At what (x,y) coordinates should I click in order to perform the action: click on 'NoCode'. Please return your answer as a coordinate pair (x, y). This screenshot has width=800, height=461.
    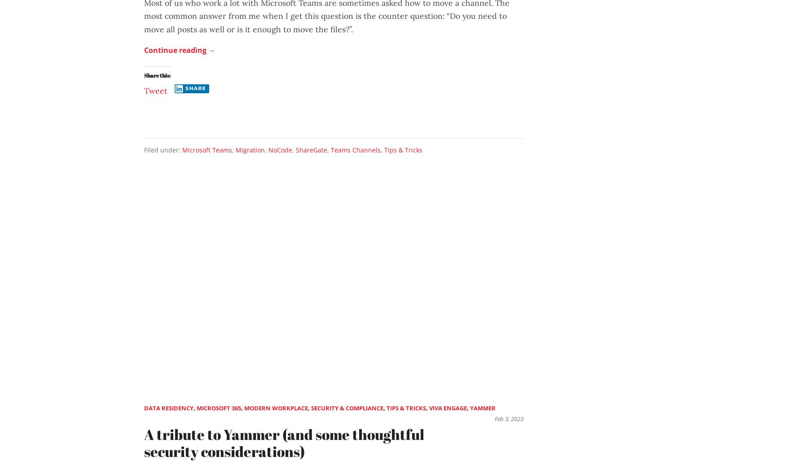
    Looking at the image, I should click on (268, 149).